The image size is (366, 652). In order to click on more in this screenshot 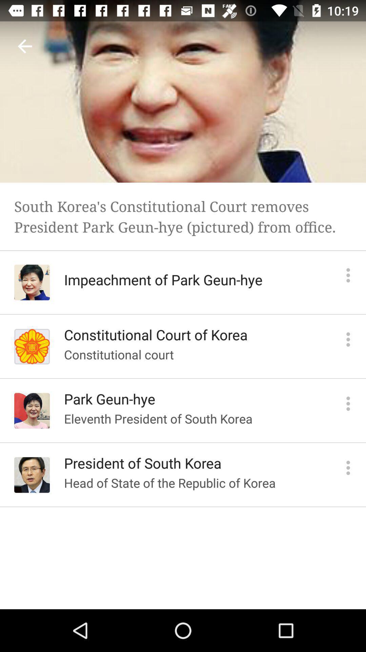, I will do `click(348, 275)`.